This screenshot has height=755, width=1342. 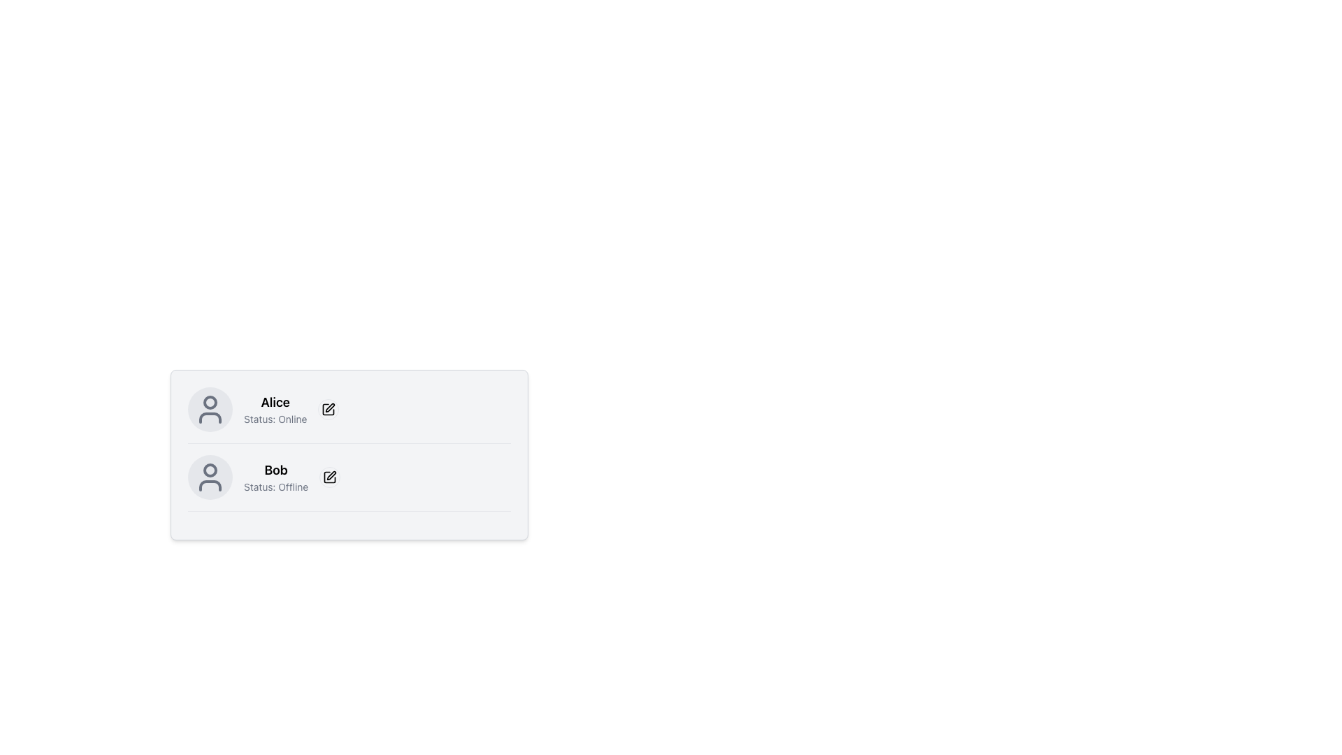 What do you see at coordinates (276, 476) in the screenshot?
I see `text displayed for the user 'Bob' which shows 'Status: Offline' in the second row of the list, next to the avatar icon and edit button` at bounding box center [276, 476].